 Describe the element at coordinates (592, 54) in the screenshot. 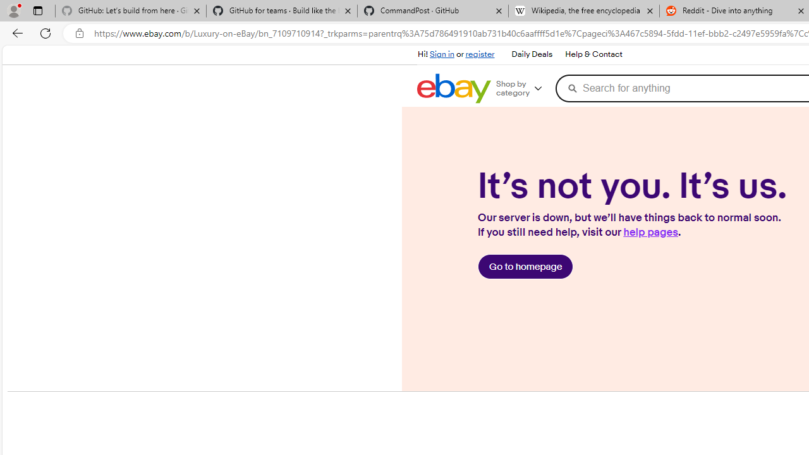

I see `'Help & Contact'` at that location.